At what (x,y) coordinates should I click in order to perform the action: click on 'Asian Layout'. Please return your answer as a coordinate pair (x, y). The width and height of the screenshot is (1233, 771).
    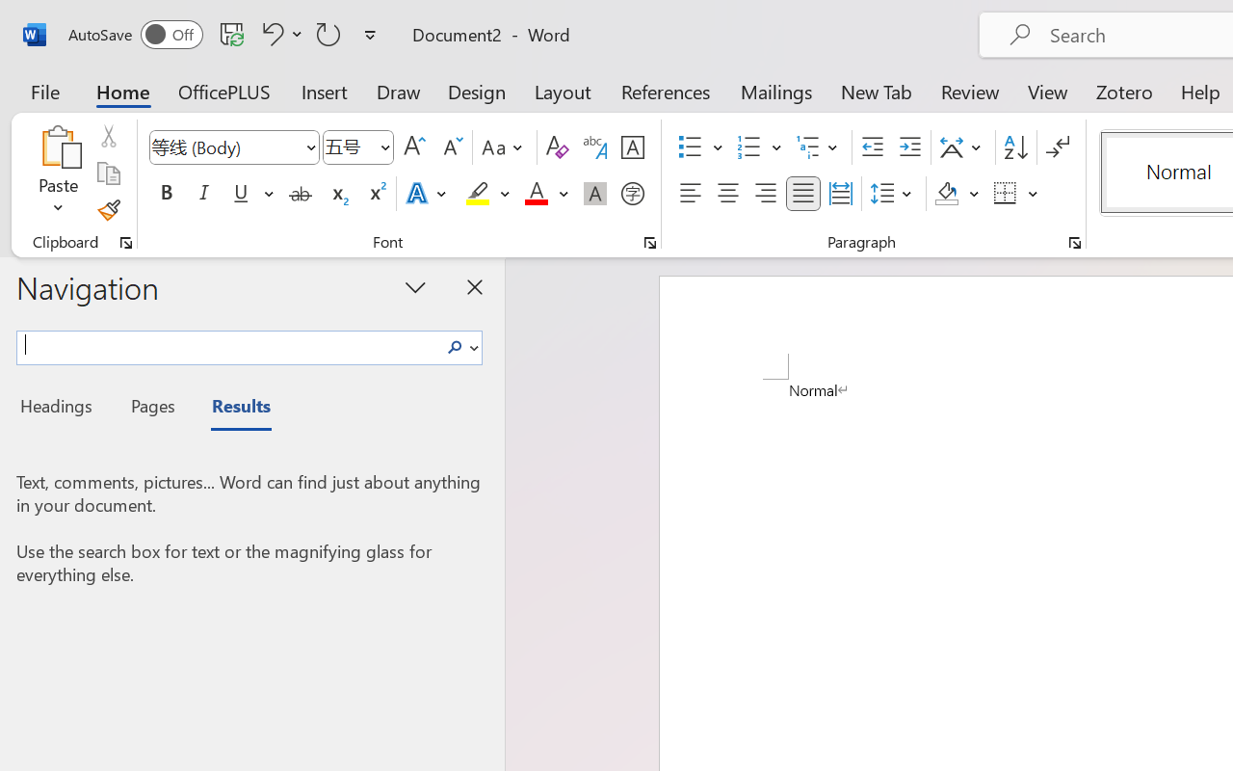
    Looking at the image, I should click on (963, 147).